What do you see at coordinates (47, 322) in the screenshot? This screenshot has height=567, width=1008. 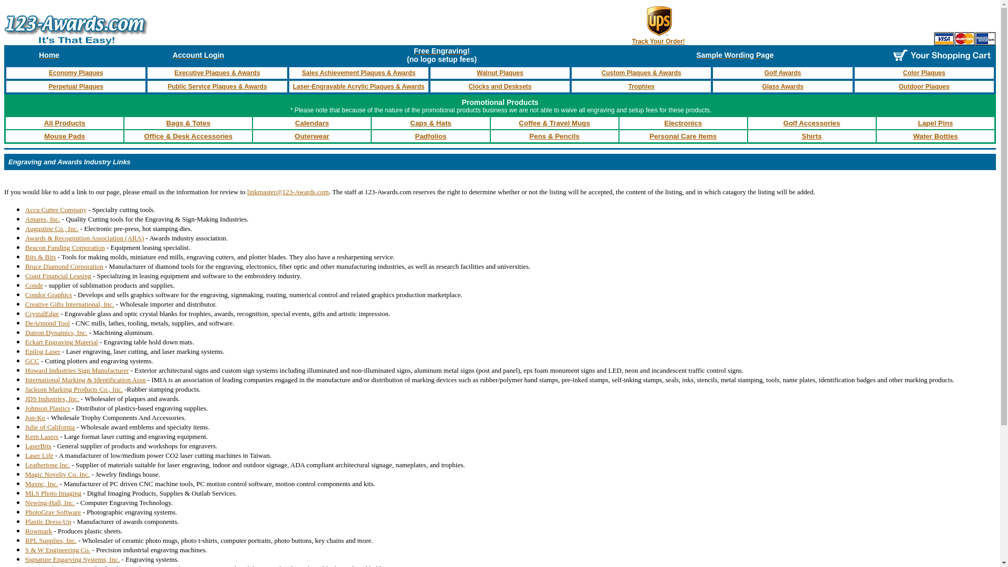 I see `'DeArmond Tool'` at bounding box center [47, 322].